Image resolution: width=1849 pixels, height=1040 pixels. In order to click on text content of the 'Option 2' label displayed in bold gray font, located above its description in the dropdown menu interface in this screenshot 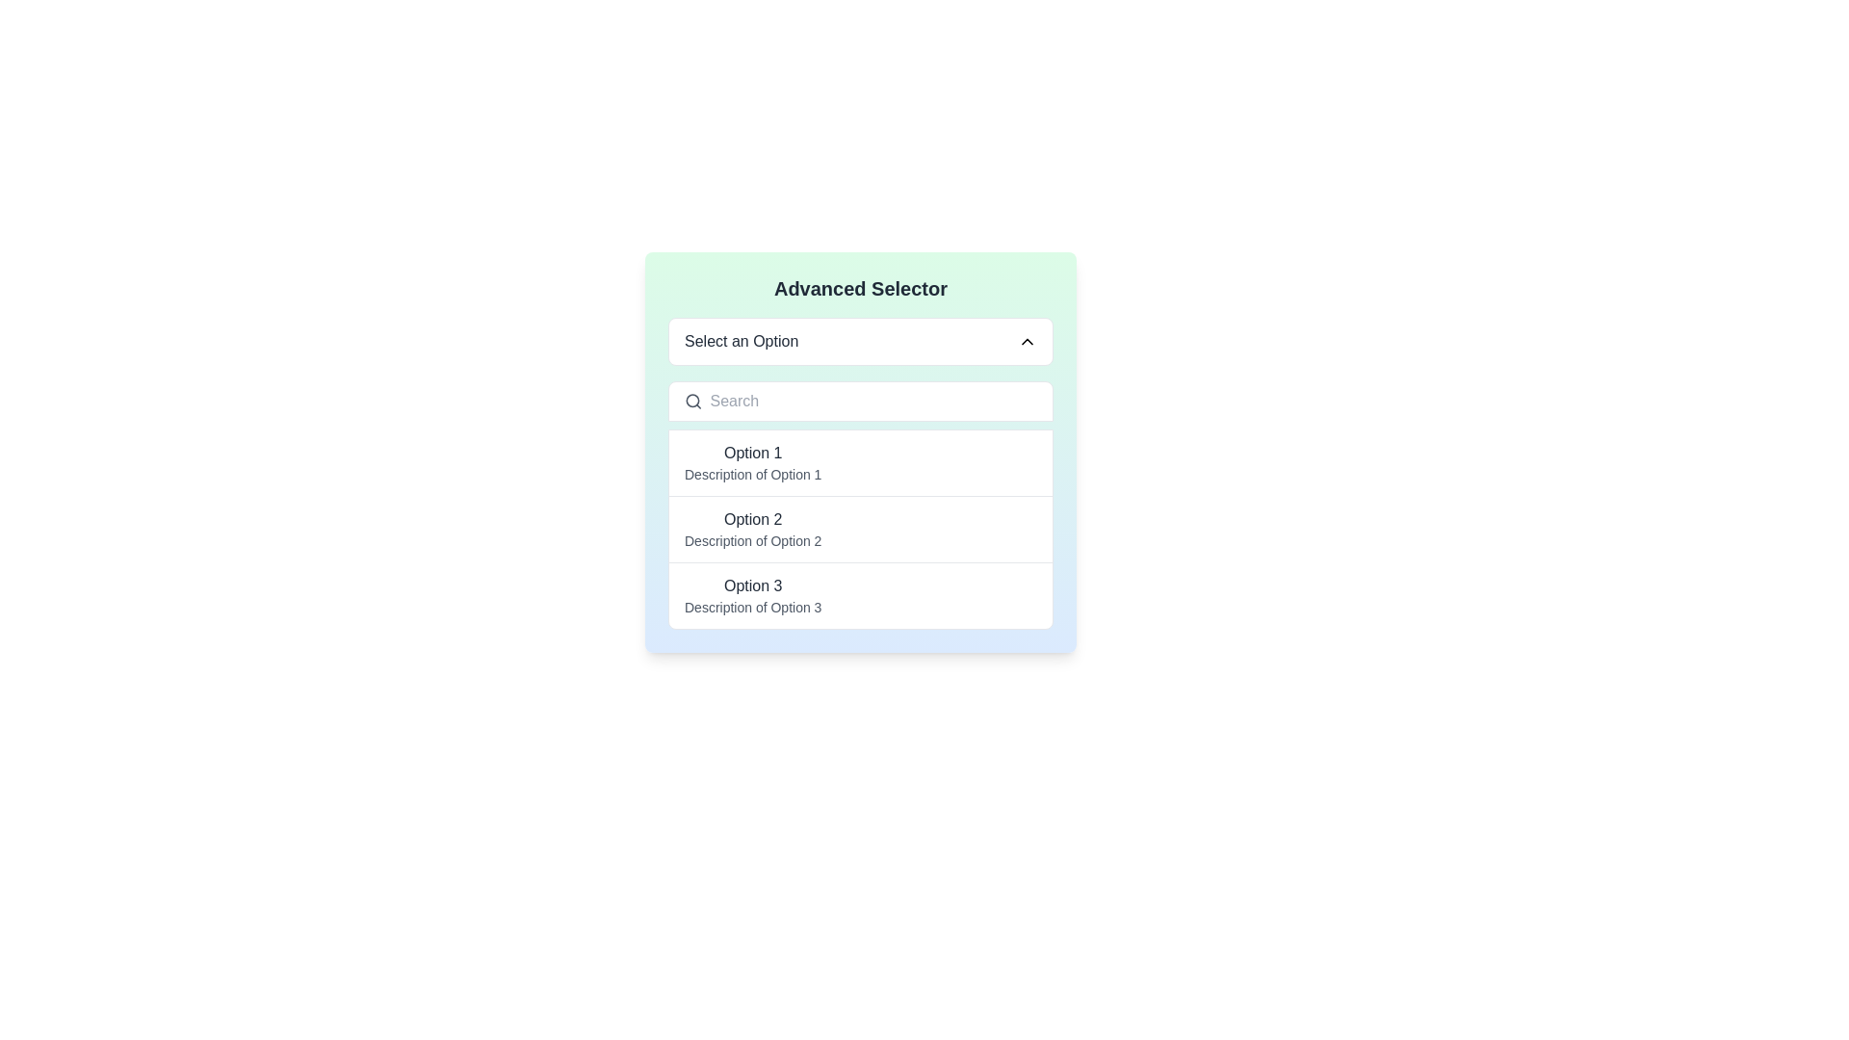, I will do `click(752, 520)`.